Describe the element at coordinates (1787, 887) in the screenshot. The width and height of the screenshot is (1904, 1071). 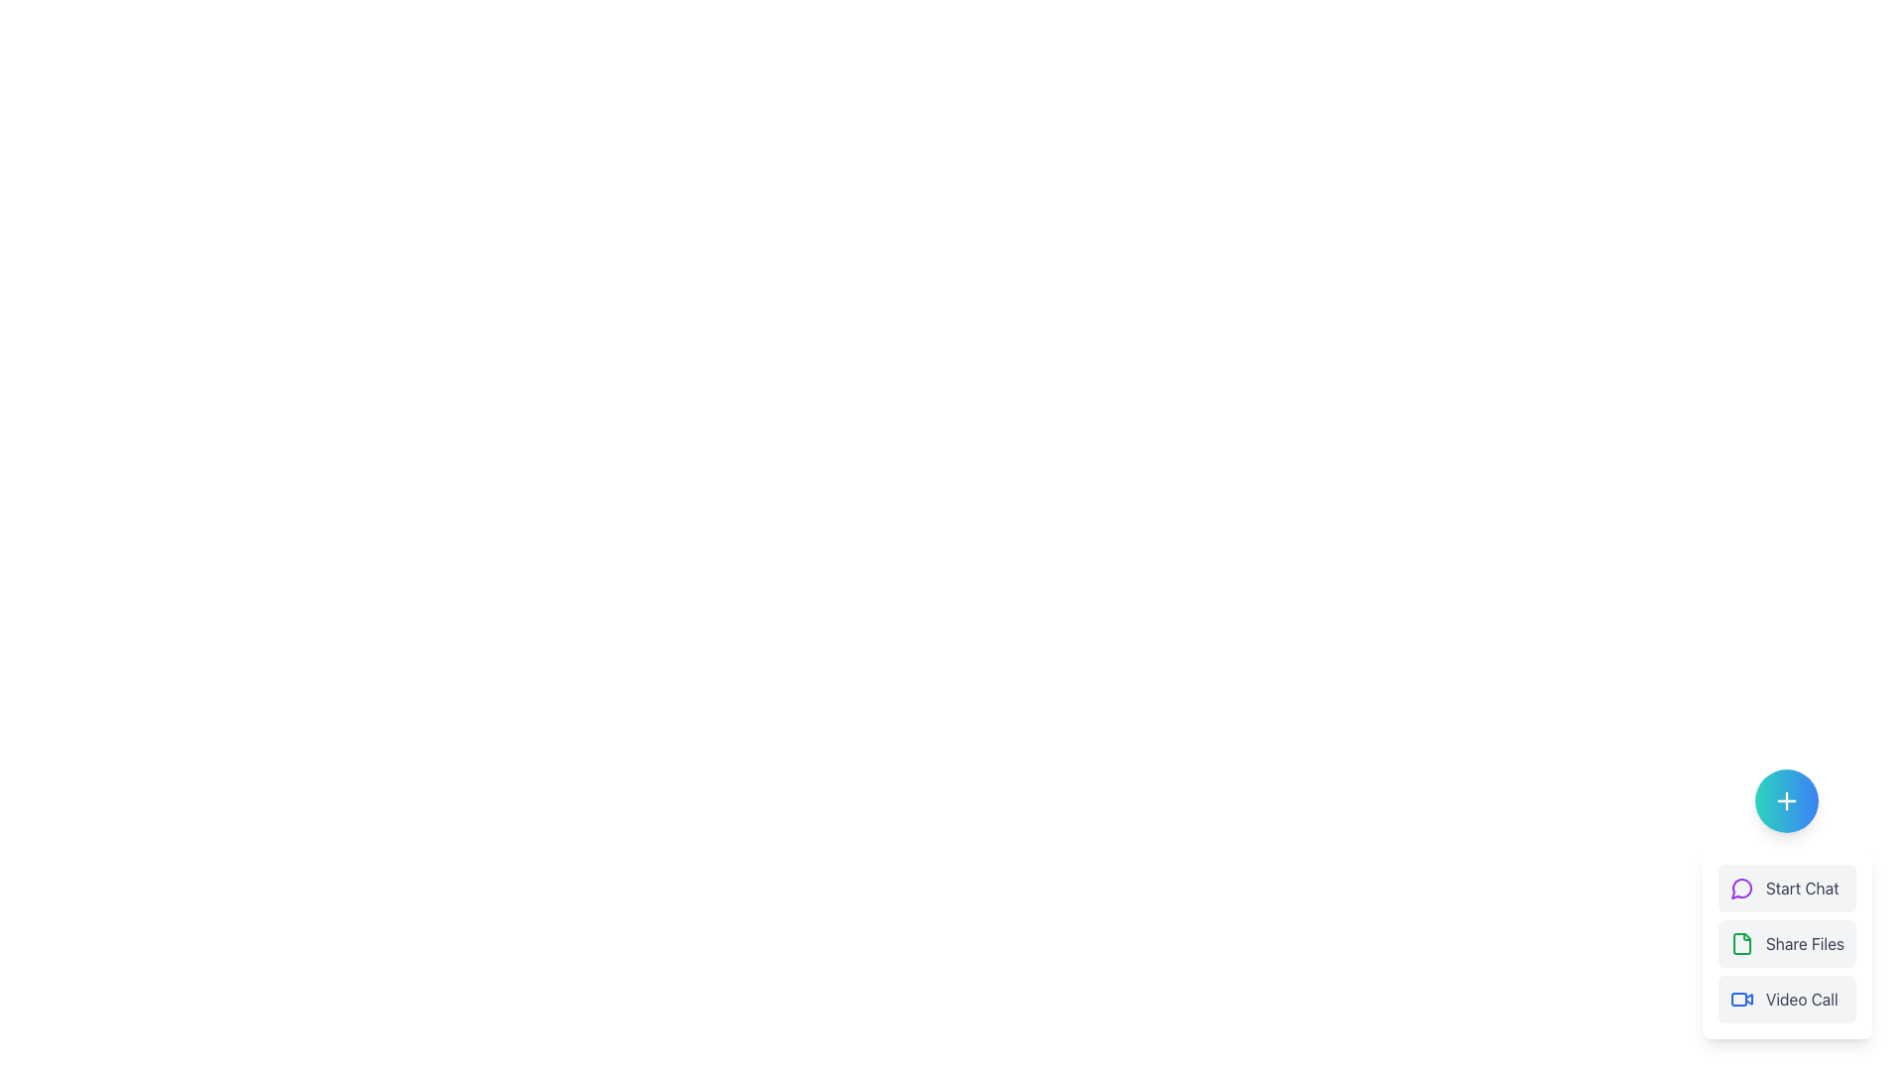
I see `the 'Start Chat' button, which has a light gray background and a purple outlined chat bubble icon, to initiate a chat` at that location.